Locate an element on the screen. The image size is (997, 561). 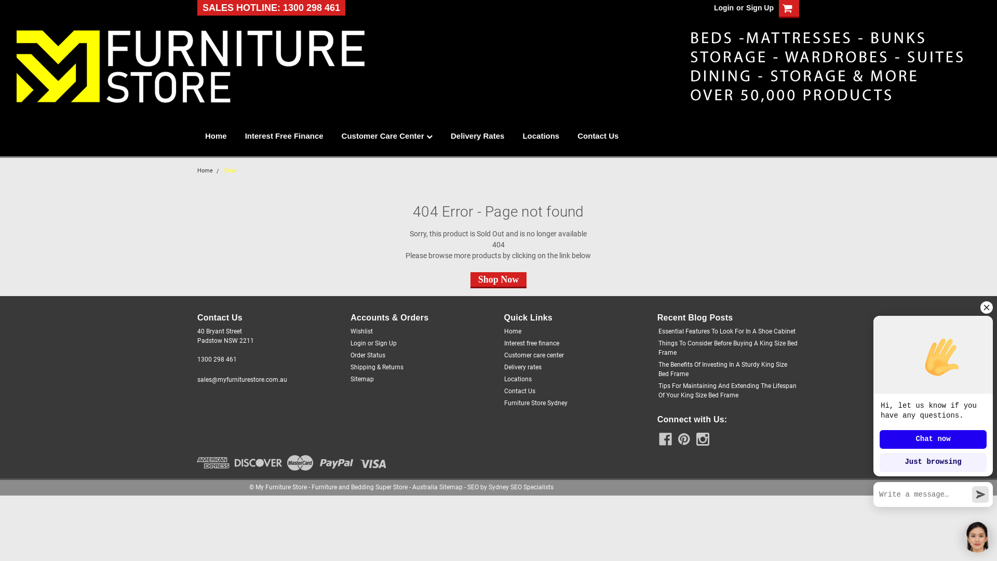
'SALES HOTLINE: 1300 298 461' is located at coordinates (202, 8).